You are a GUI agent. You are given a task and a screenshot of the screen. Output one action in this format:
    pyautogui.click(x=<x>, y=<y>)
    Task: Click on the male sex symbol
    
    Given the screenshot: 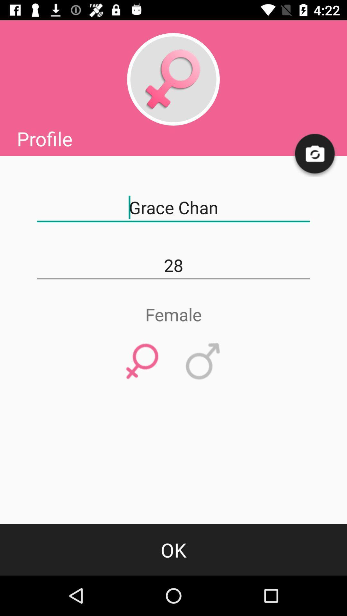 What is the action you would take?
    pyautogui.click(x=203, y=362)
    